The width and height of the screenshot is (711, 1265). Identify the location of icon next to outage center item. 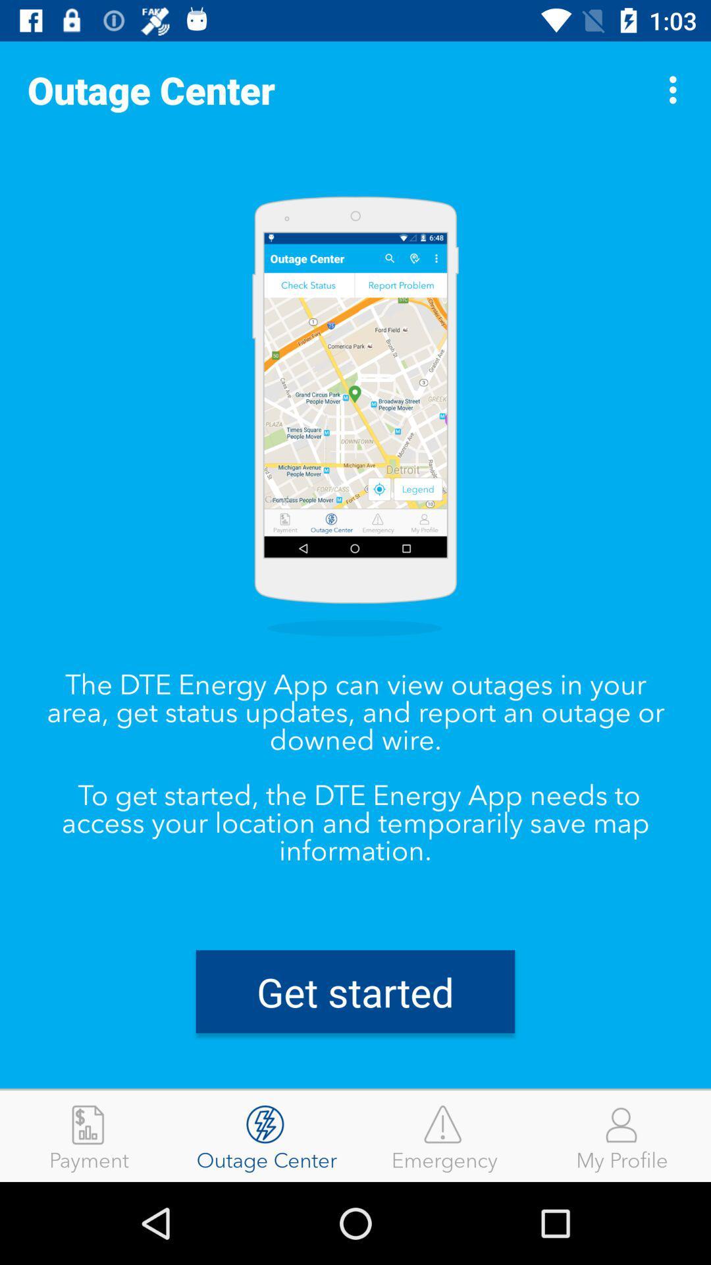
(676, 89).